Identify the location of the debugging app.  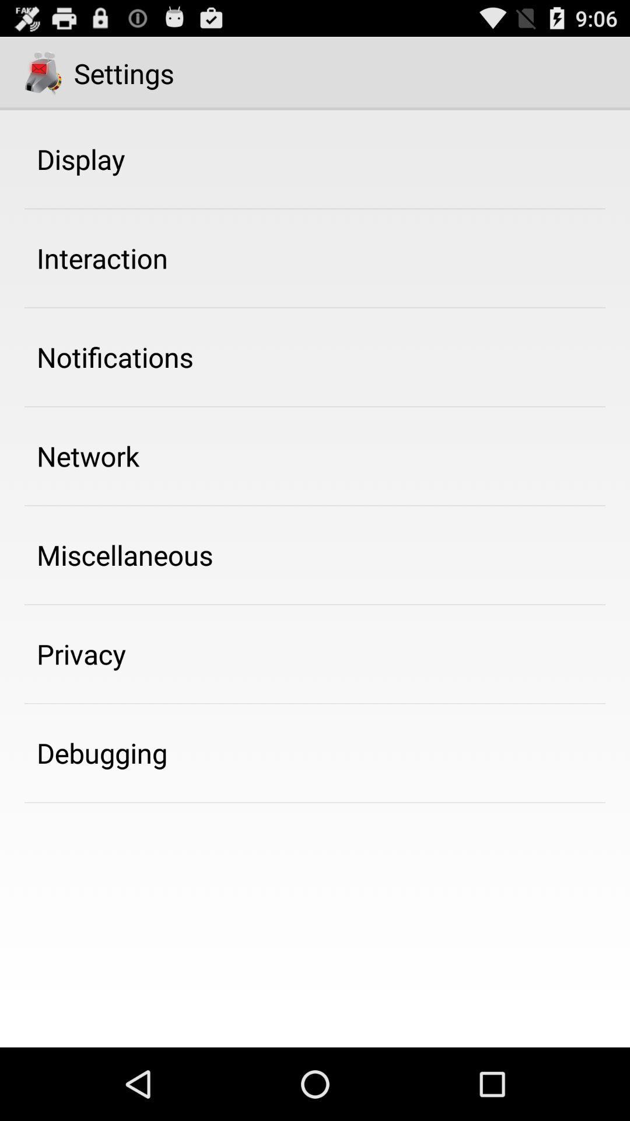
(101, 753).